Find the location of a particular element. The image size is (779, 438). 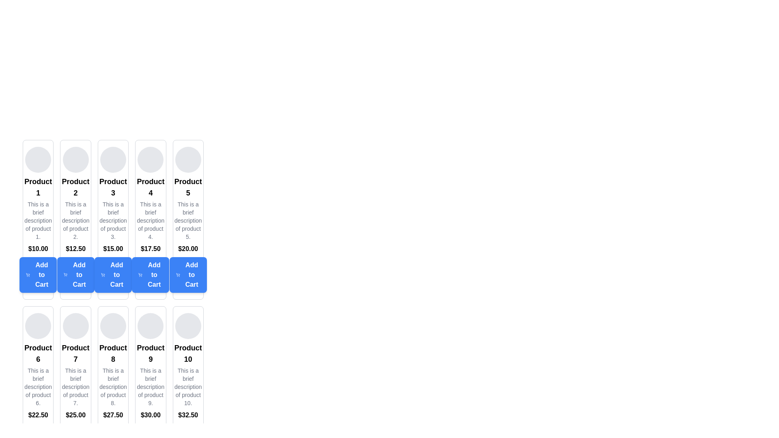

the text label that serves as the title for the fifth product card in the first row of the grid layout, positioned below the circular image and above the product description is located at coordinates (187, 187).